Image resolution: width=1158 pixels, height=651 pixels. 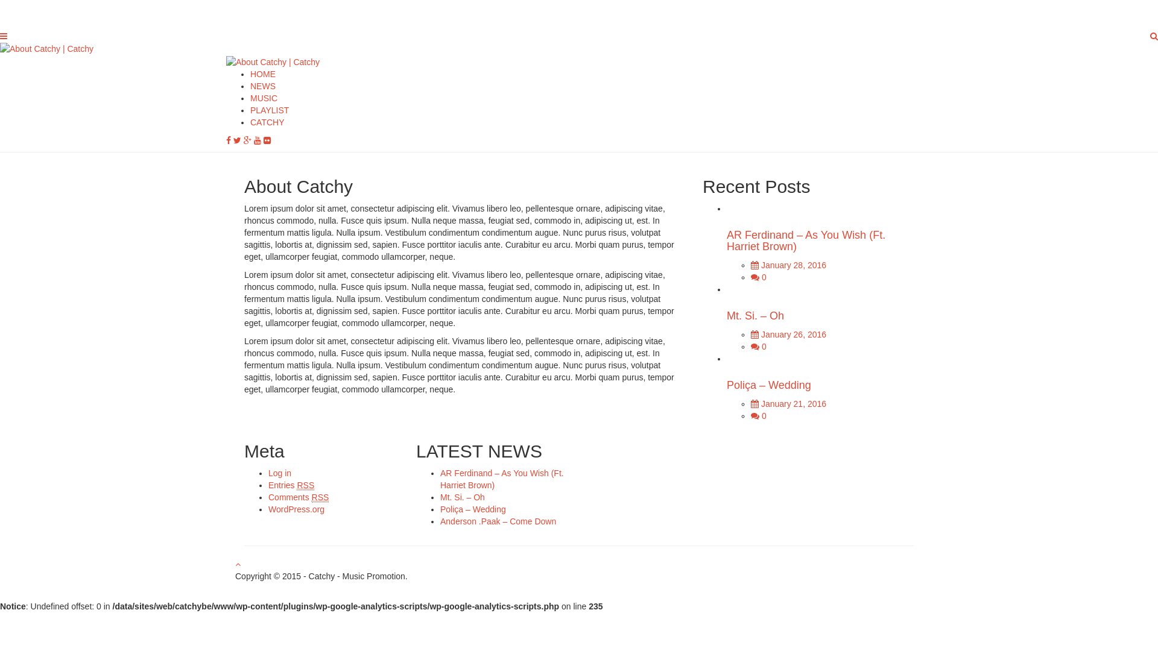 What do you see at coordinates (268, 473) in the screenshot?
I see `'Log in'` at bounding box center [268, 473].